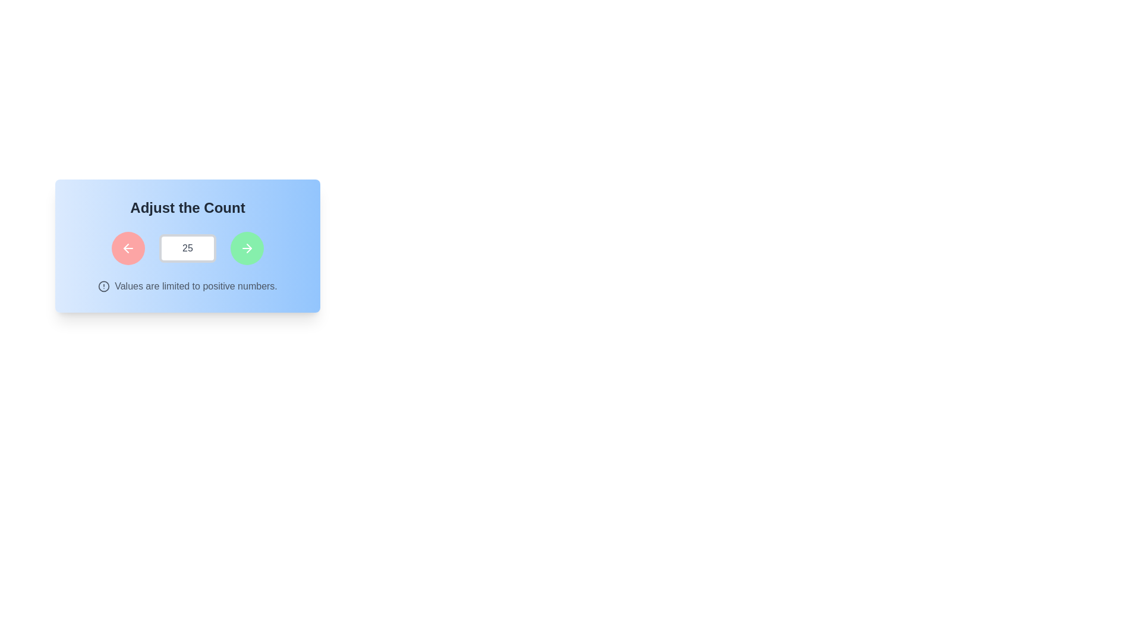 The height and width of the screenshot is (642, 1141). I want to click on the right-pointing arrowhead within the SVG icon that indicates an increase or forward movement, located to the right of the numeric input field, so click(248, 247).